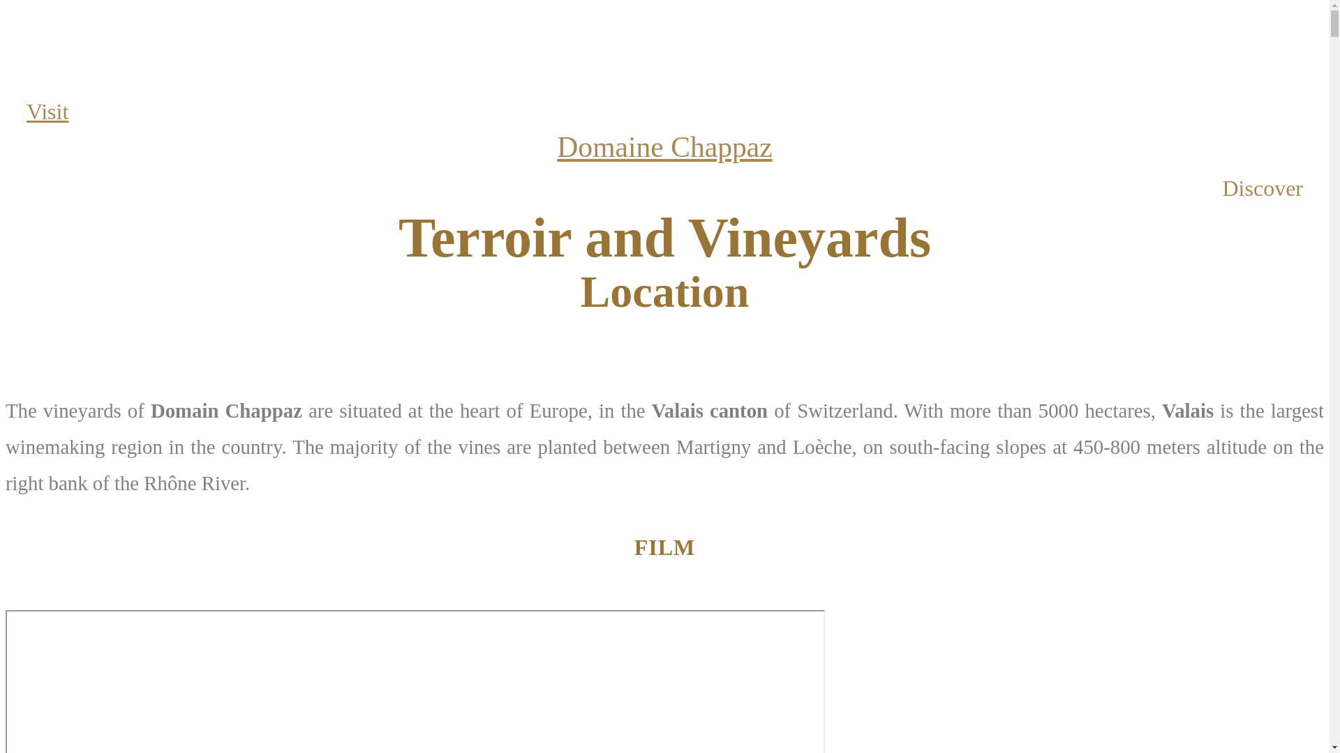 The image size is (1340, 753). Describe the element at coordinates (663, 147) in the screenshot. I see `'Domaine Chappaz'` at that location.